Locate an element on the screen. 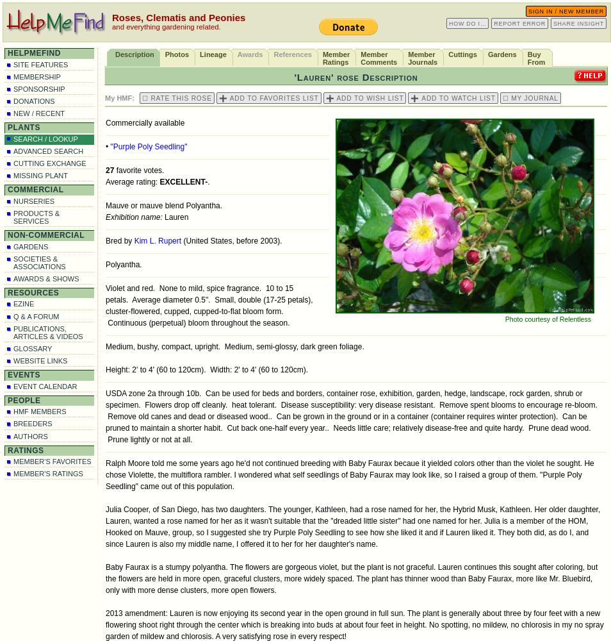  'HMF MEMBERS' is located at coordinates (39, 412).